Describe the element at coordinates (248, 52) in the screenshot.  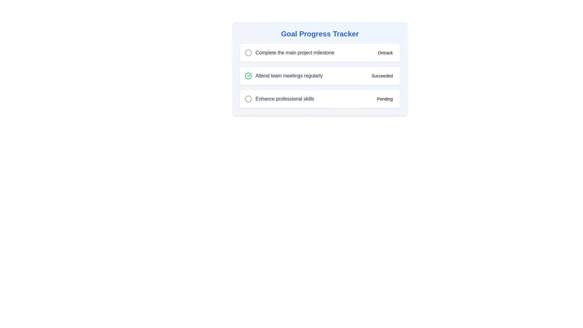
I see `the first status indicator represented by an SVG circle in the Goal Progress Tracker box` at that location.